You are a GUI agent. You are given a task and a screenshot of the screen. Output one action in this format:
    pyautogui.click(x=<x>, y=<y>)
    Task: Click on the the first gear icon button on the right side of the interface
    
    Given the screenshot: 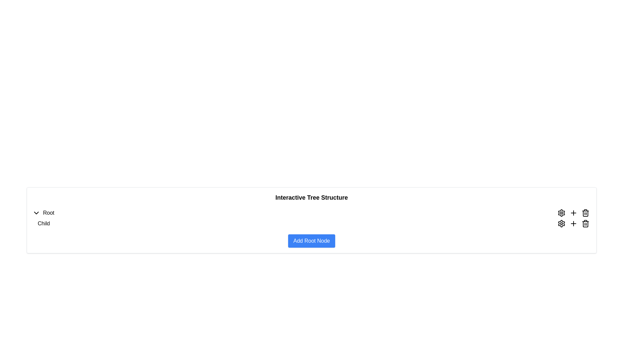 What is the action you would take?
    pyautogui.click(x=561, y=213)
    